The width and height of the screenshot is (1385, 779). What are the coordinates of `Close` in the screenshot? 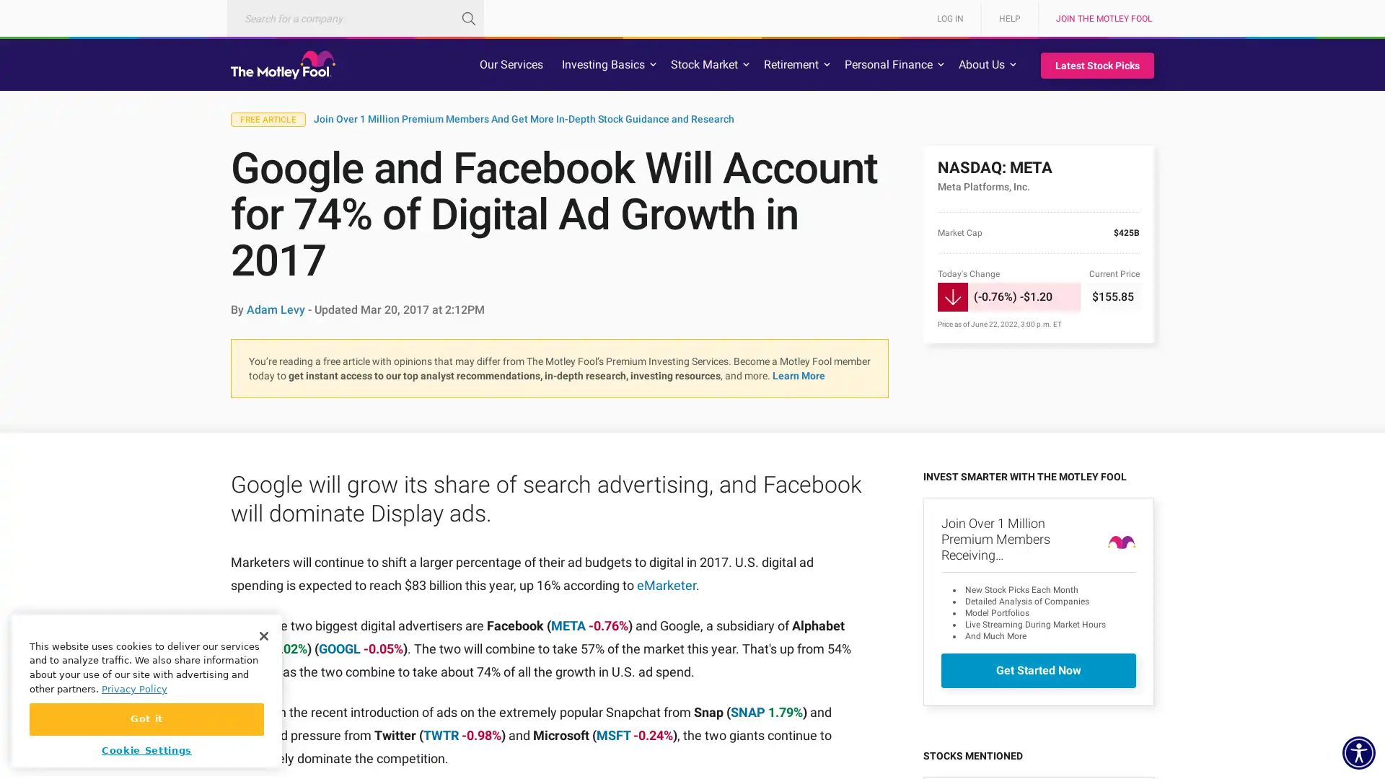 It's located at (263, 634).